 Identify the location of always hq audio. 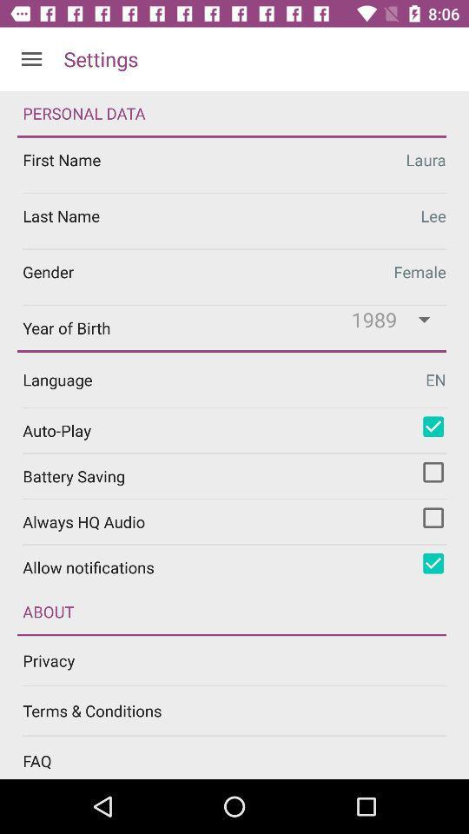
(433, 518).